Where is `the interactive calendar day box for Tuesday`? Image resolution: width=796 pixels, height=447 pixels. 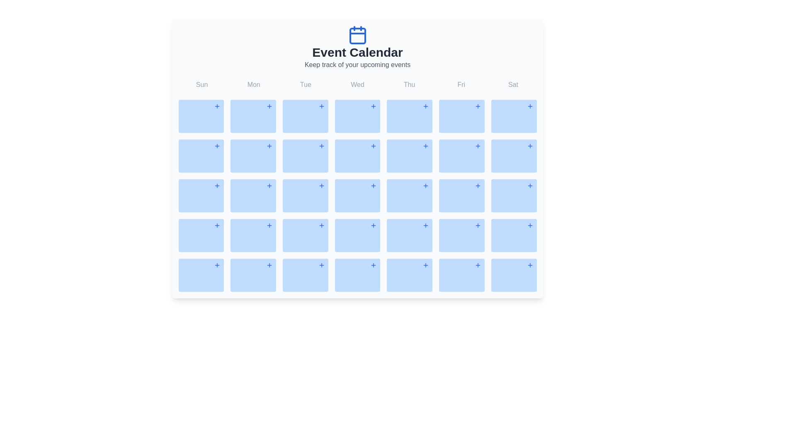
the interactive calendar day box for Tuesday is located at coordinates (305, 156).